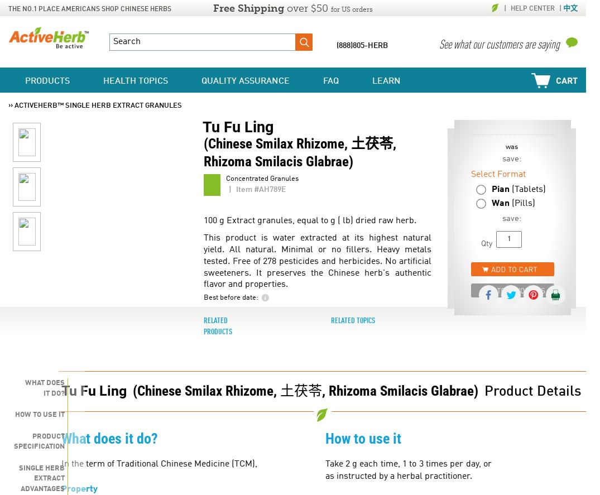  Describe the element at coordinates (261, 189) in the screenshot. I see `'Item #AH789E'` at that location.